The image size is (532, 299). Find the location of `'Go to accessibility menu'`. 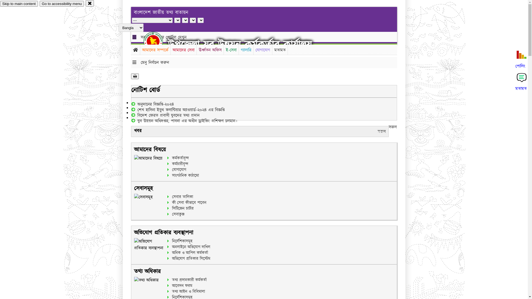

'Go to accessibility menu' is located at coordinates (62, 4).